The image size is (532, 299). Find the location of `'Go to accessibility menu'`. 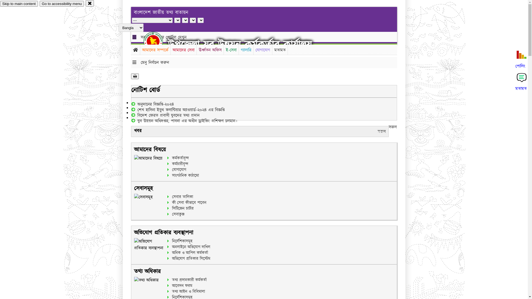

'Go to accessibility menu' is located at coordinates (62, 4).